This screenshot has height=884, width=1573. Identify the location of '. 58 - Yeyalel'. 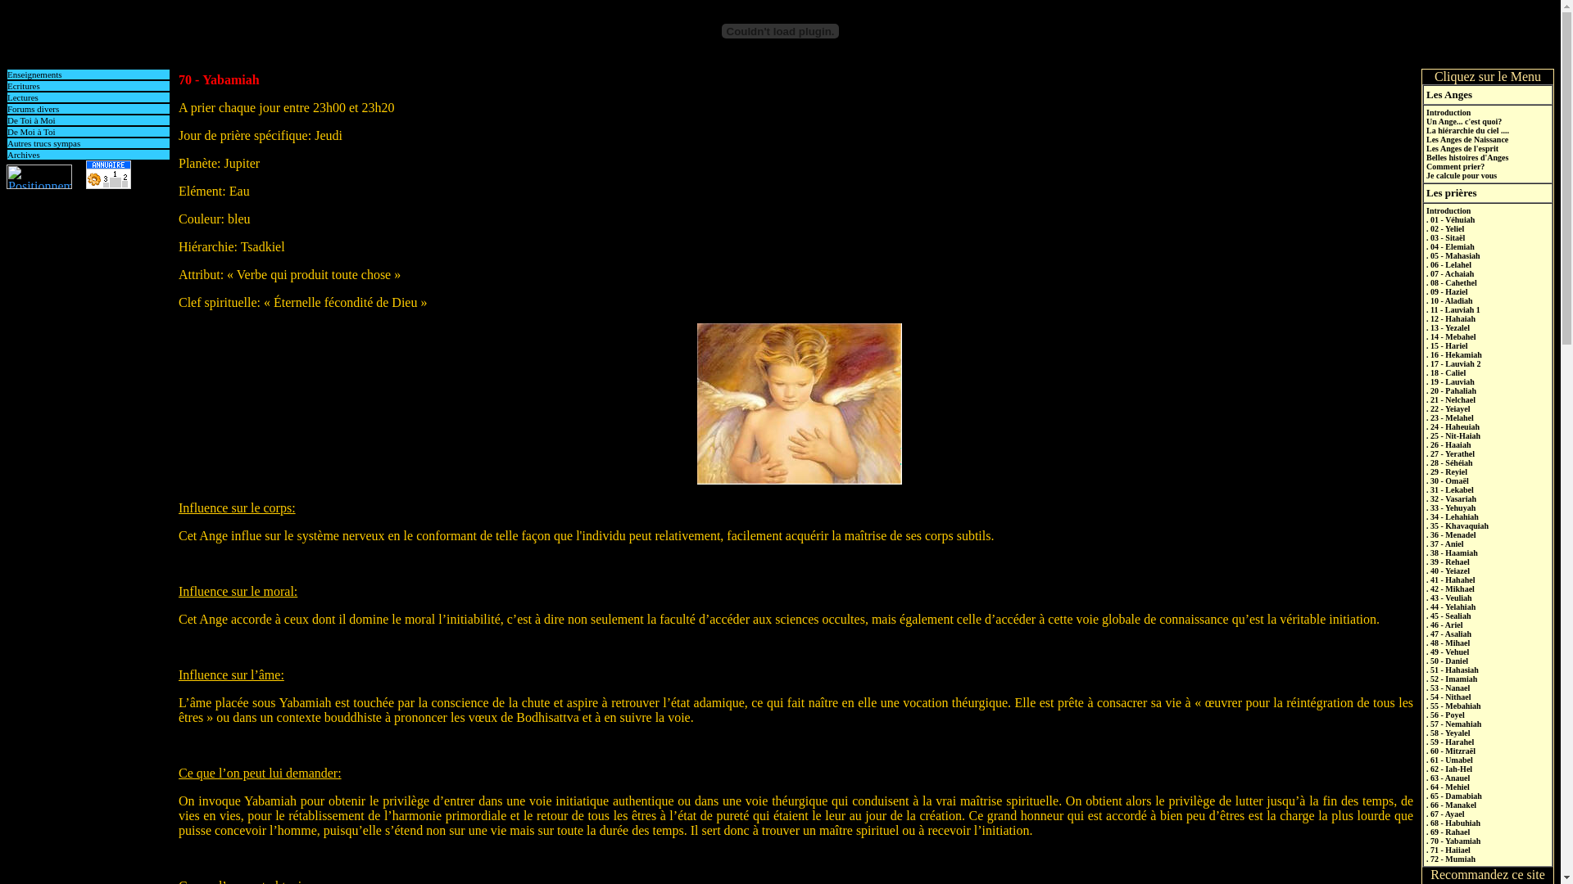
(1448, 732).